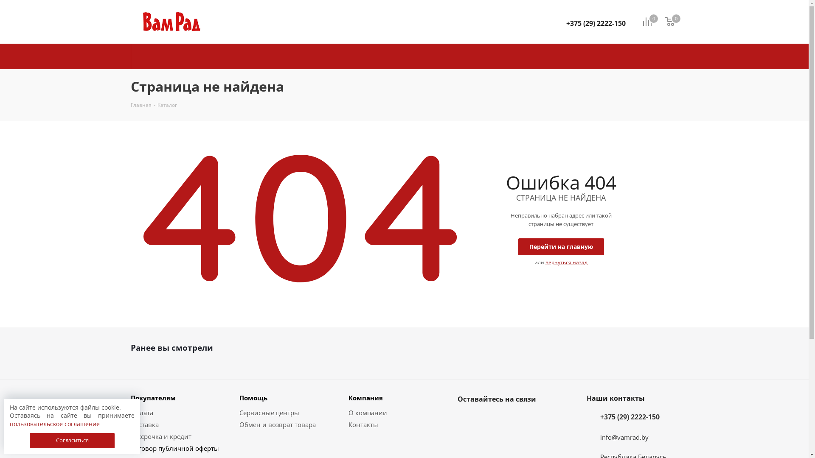 The height and width of the screenshot is (458, 815). I want to click on 'Instagram', so click(500, 418).